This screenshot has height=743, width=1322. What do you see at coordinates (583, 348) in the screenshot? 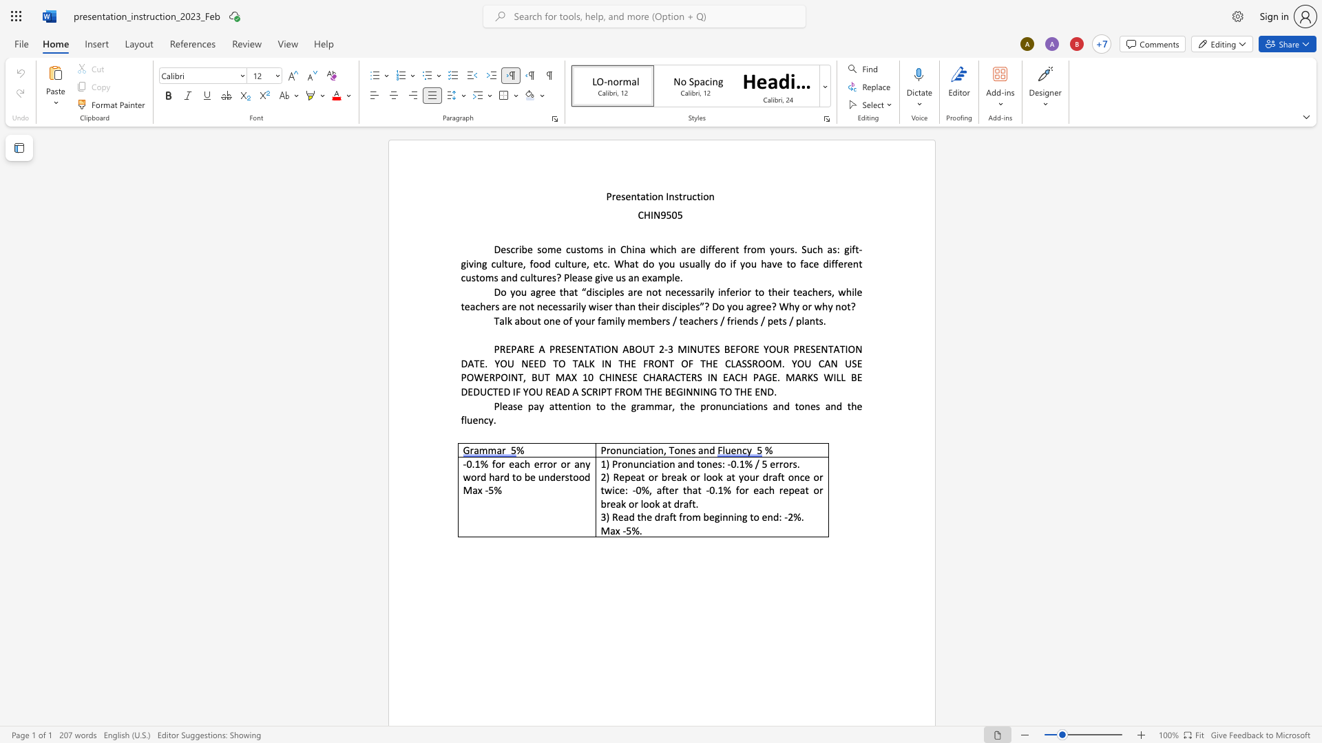
I see `the space between the continuous character "N" and "T" in the text` at bounding box center [583, 348].